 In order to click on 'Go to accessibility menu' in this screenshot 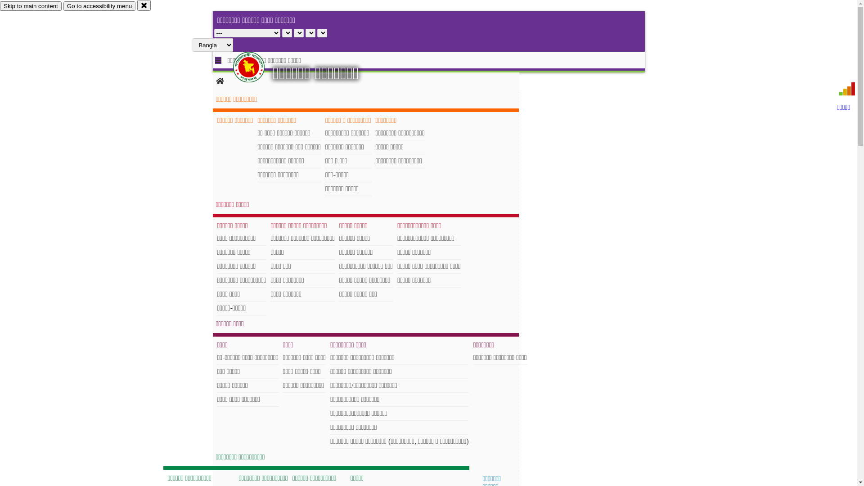, I will do `click(63, 6)`.